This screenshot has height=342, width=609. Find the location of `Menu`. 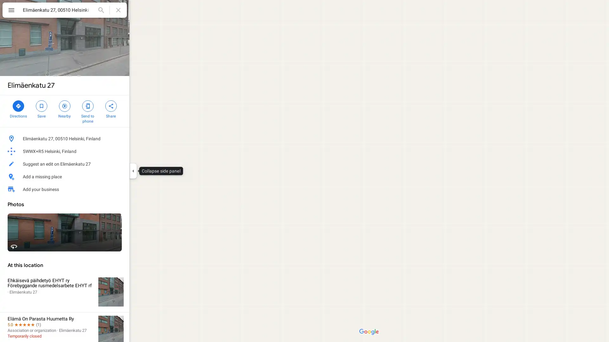

Menu is located at coordinates (11, 11).